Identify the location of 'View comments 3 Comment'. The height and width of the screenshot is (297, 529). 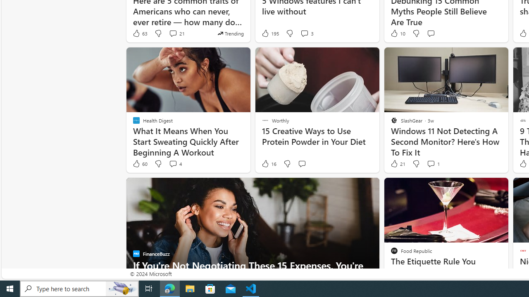
(304, 33).